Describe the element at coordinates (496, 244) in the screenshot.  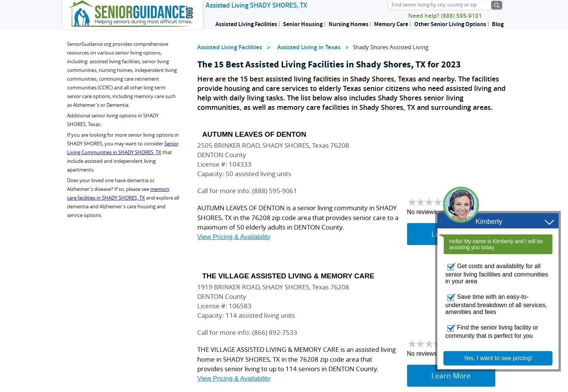
I see `'Hello! My name is Kimberly and I will be assisting you today.'` at that location.